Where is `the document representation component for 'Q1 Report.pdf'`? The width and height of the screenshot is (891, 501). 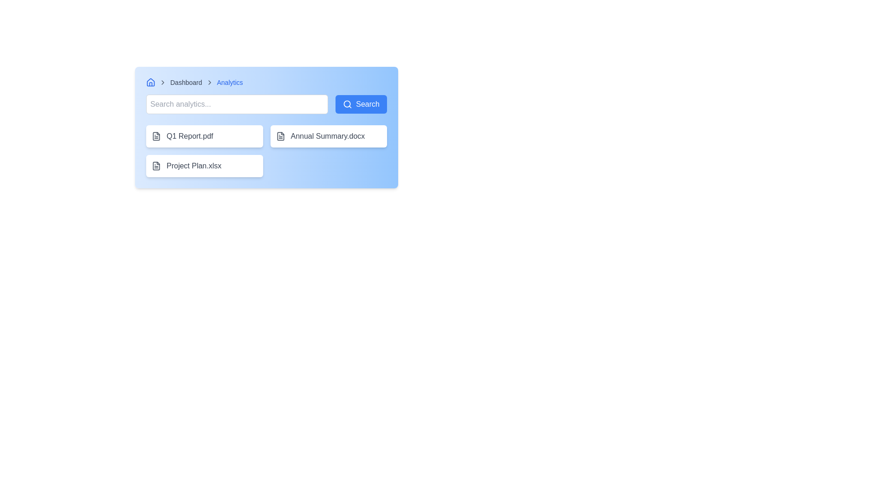 the document representation component for 'Q1 Report.pdf' is located at coordinates (204, 136).